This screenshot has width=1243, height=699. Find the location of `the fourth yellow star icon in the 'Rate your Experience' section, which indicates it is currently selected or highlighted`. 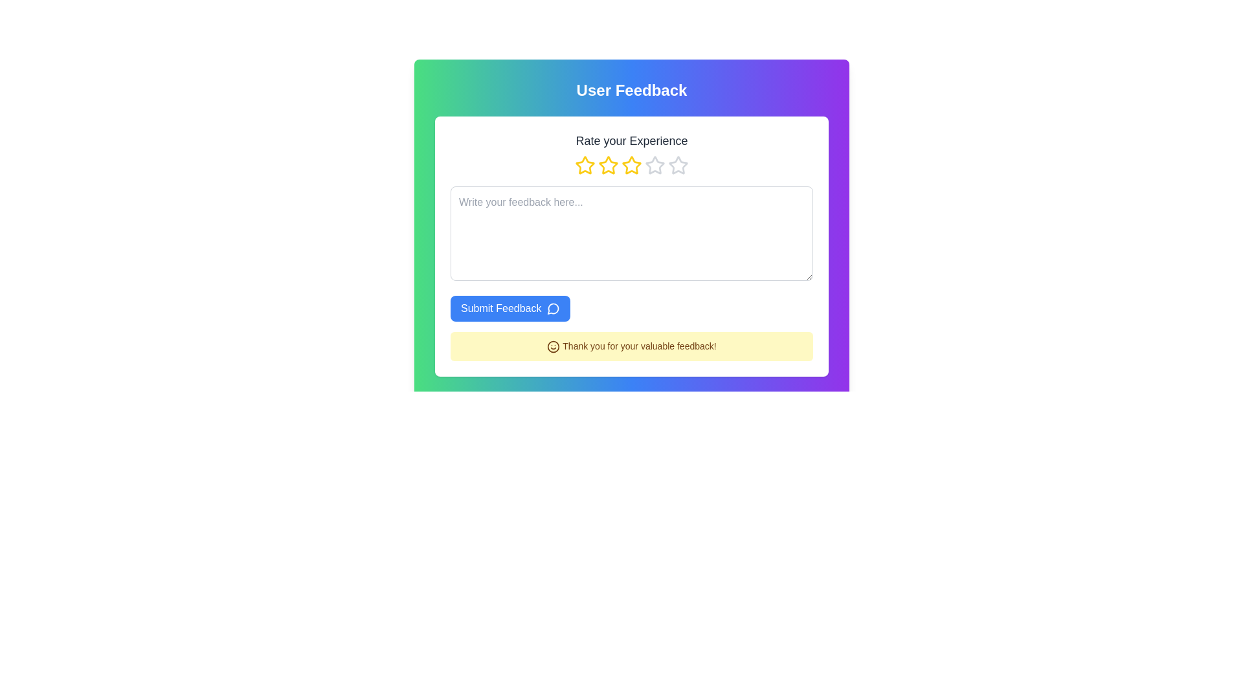

the fourth yellow star icon in the 'Rate your Experience' section, which indicates it is currently selected or highlighted is located at coordinates (631, 164).